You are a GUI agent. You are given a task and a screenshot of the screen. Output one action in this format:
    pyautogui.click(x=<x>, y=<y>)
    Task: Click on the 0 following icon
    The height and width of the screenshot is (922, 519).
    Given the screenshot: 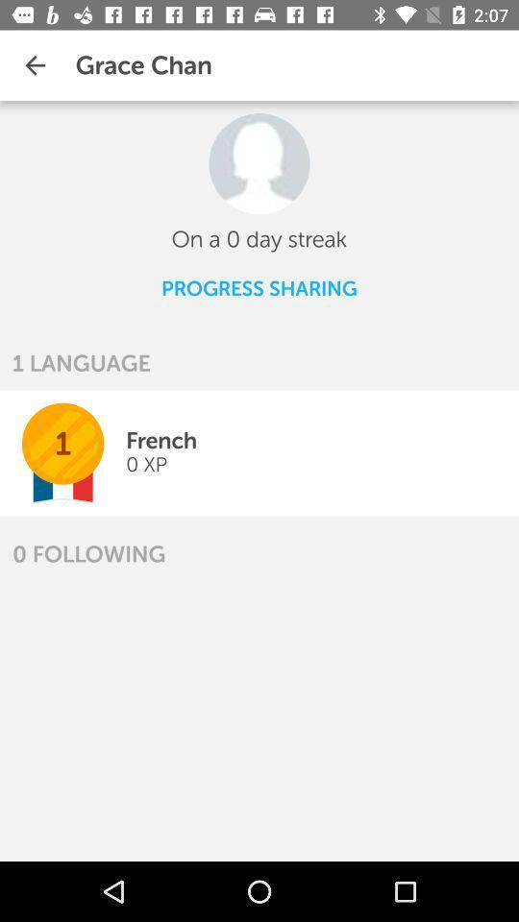 What is the action you would take?
    pyautogui.click(x=87, y=554)
    